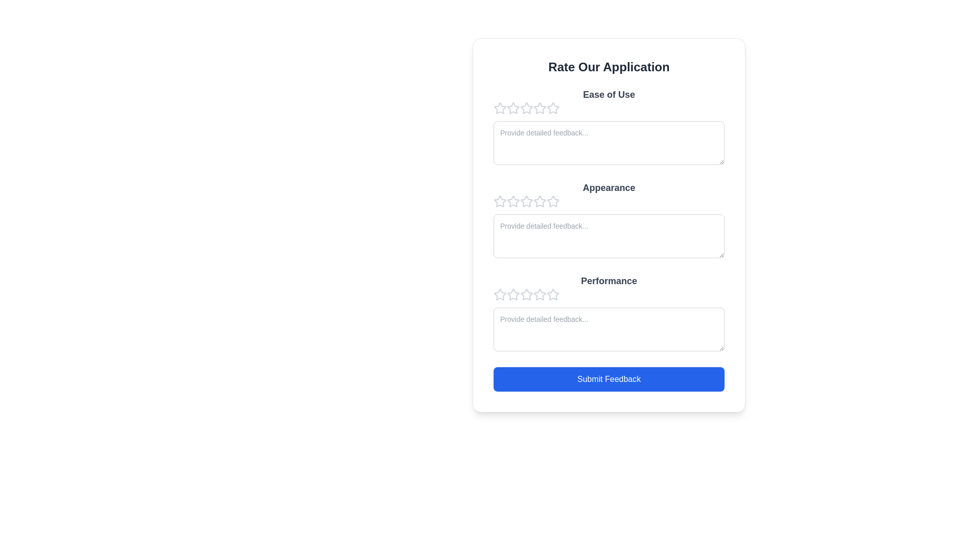  What do you see at coordinates (609, 67) in the screenshot?
I see `the prominent heading text labeled 'Rate Our Application', which is styled with a bold font and is positioned at the top of the feedback form` at bounding box center [609, 67].